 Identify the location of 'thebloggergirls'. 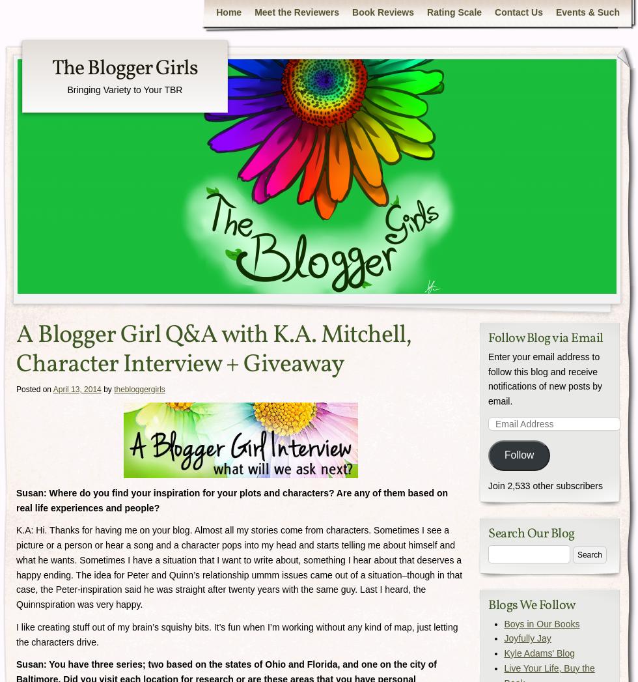
(139, 388).